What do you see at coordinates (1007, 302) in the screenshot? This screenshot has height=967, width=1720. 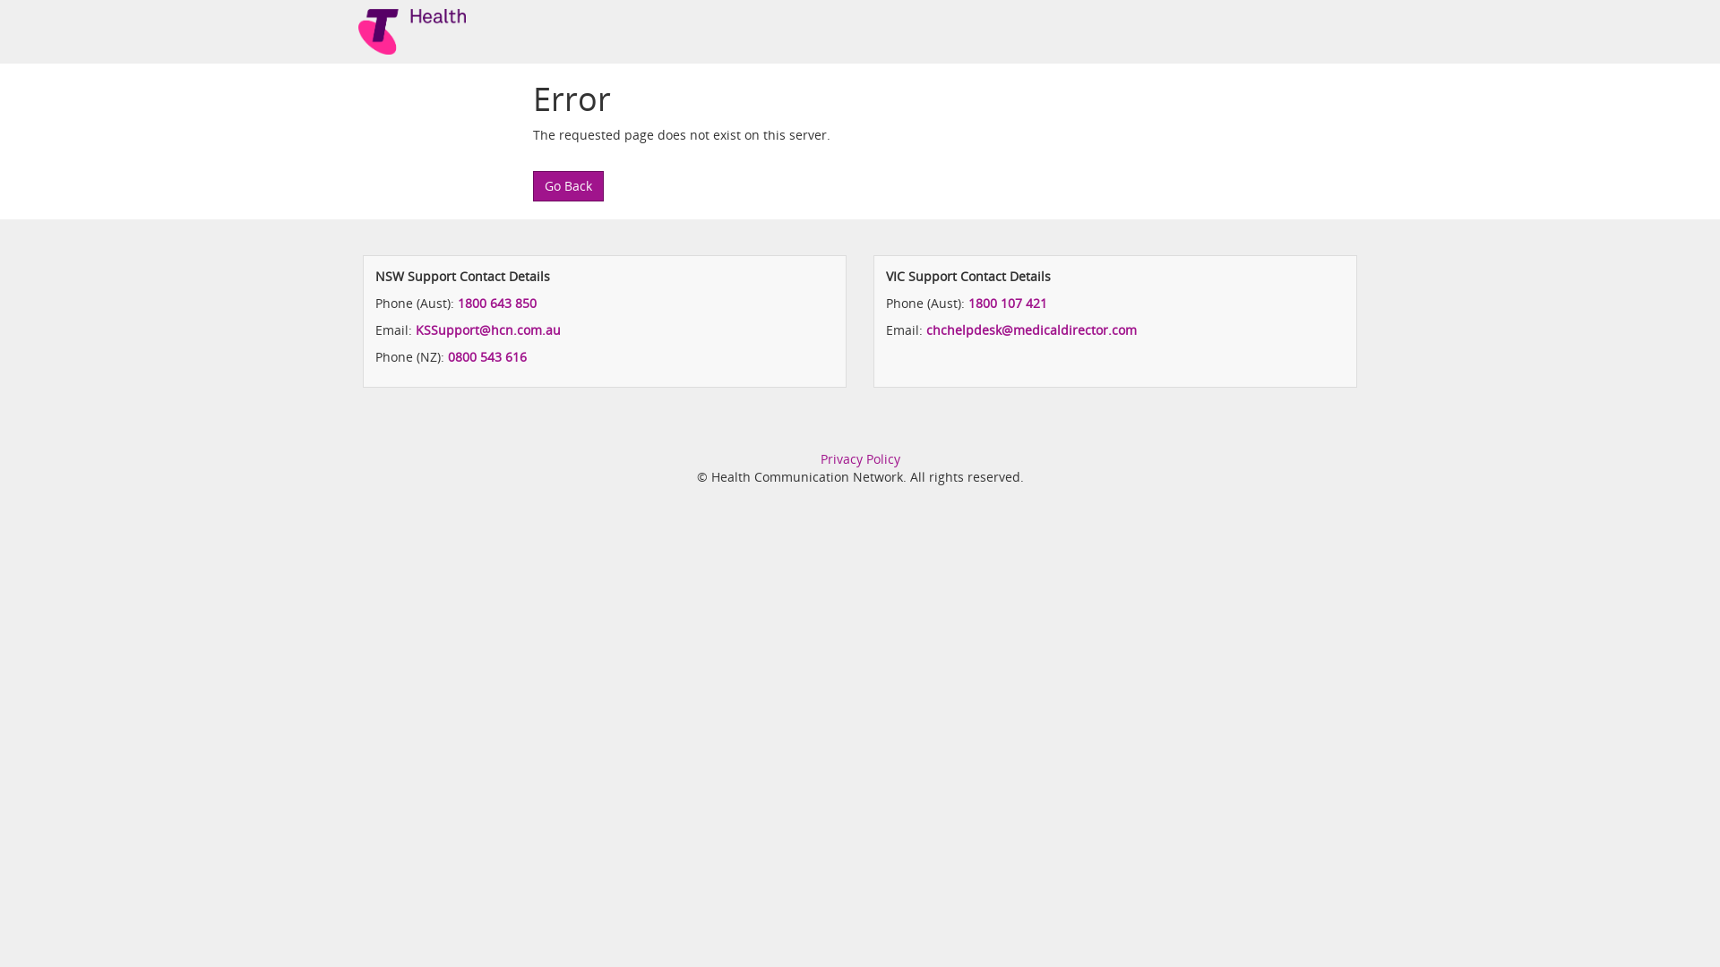 I see `'1800 107 421'` at bounding box center [1007, 302].